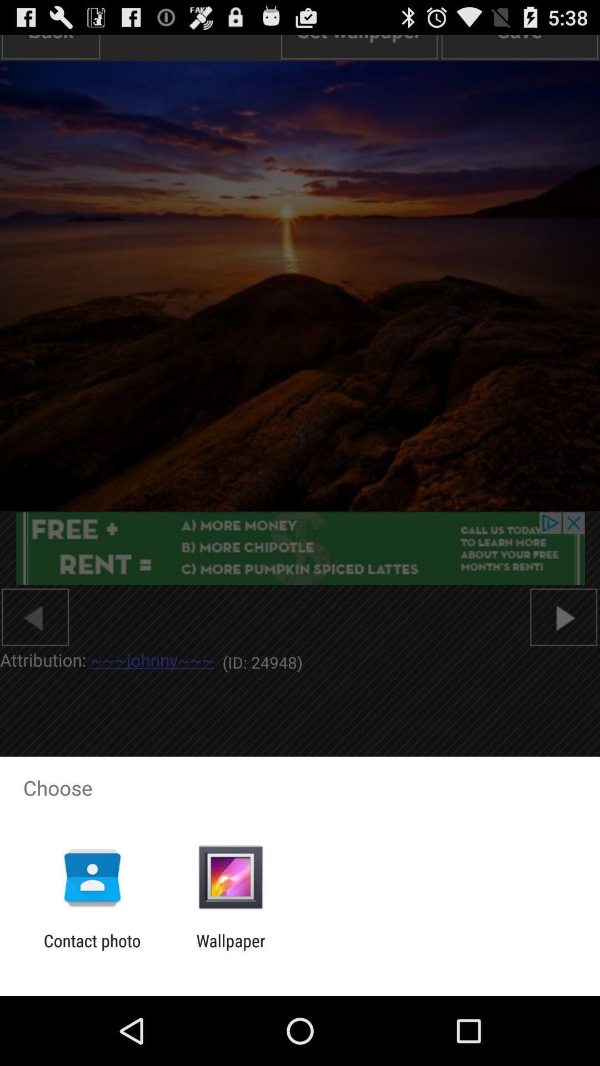  Describe the element at coordinates (92, 950) in the screenshot. I see `the contact photo app` at that location.